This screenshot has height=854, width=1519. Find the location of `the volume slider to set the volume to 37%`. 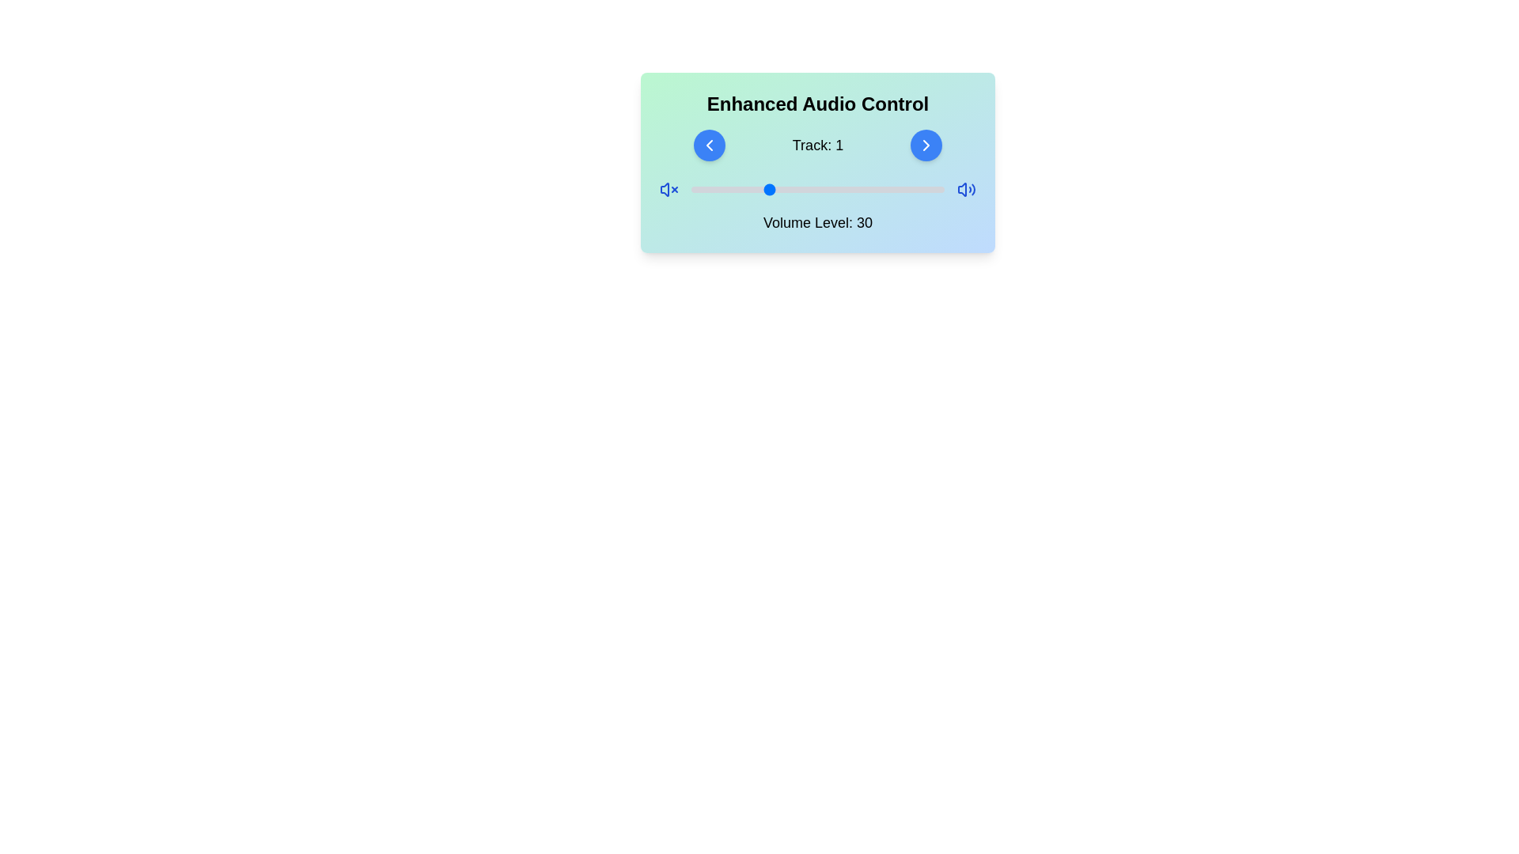

the volume slider to set the volume to 37% is located at coordinates (785, 188).